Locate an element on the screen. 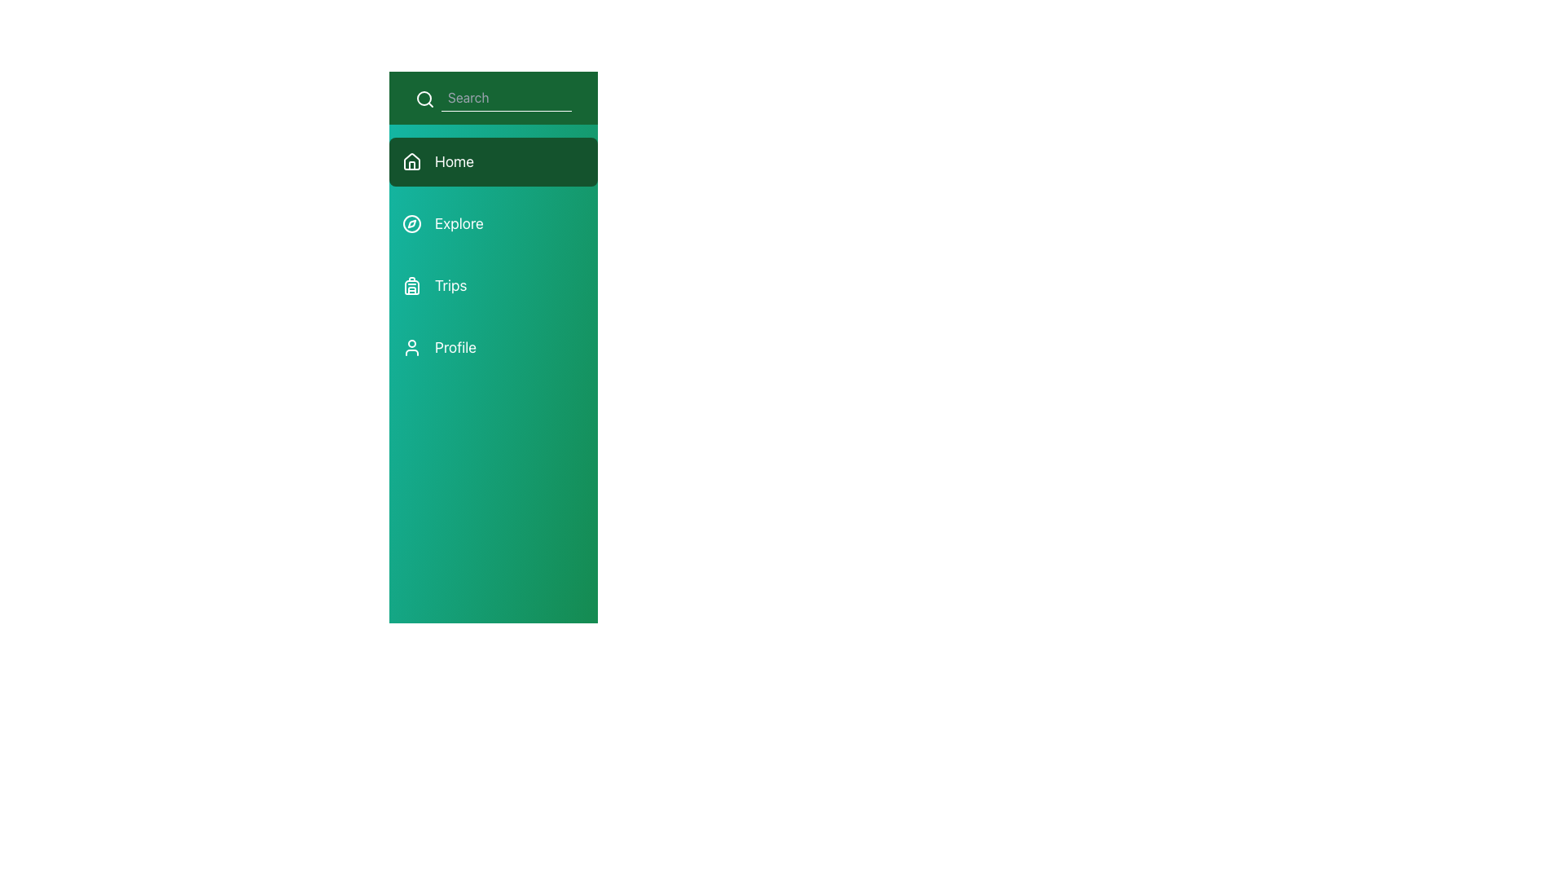 Image resolution: width=1564 pixels, height=880 pixels. the 'Explore' text label in the vertical navigation menu is located at coordinates (458, 223).